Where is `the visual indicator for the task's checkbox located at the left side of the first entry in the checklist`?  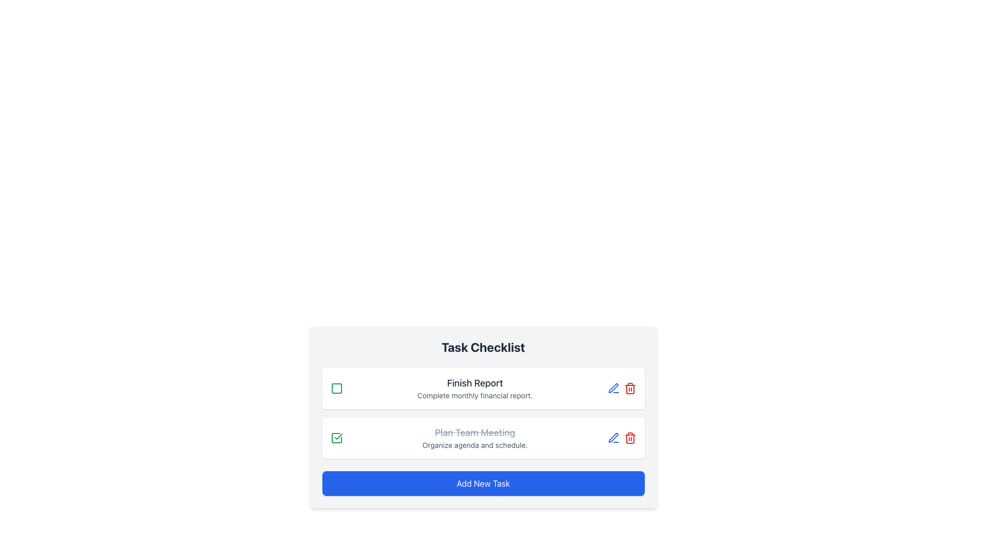 the visual indicator for the task's checkbox located at the left side of the first entry in the checklist is located at coordinates (336, 389).